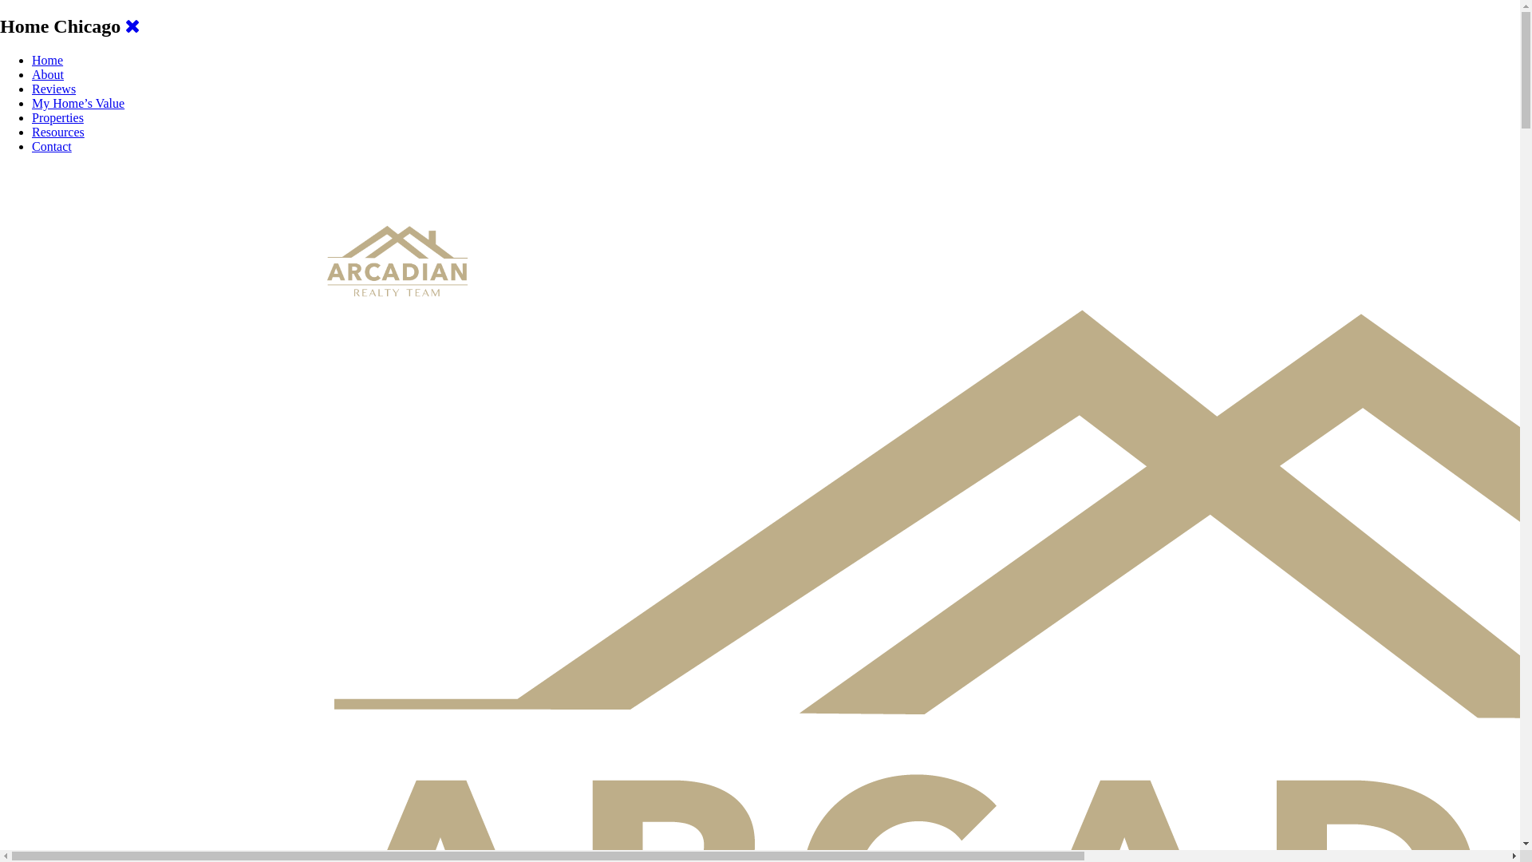 The height and width of the screenshot is (862, 1532). I want to click on 'Properties', so click(57, 117).